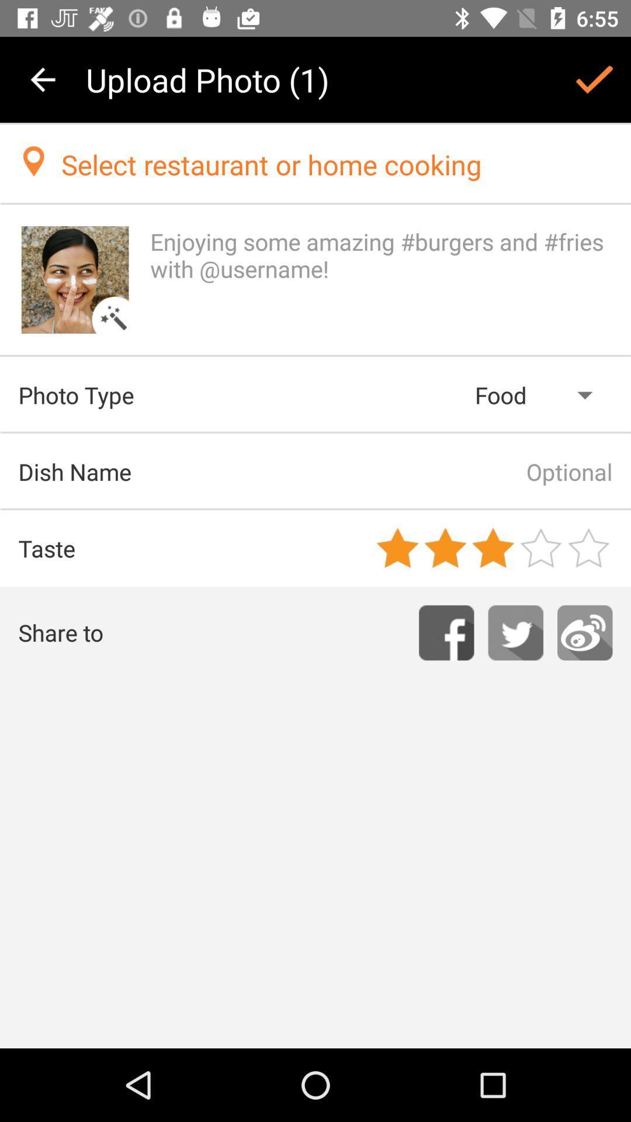 This screenshot has width=631, height=1122. I want to click on share to app, so click(585, 632).